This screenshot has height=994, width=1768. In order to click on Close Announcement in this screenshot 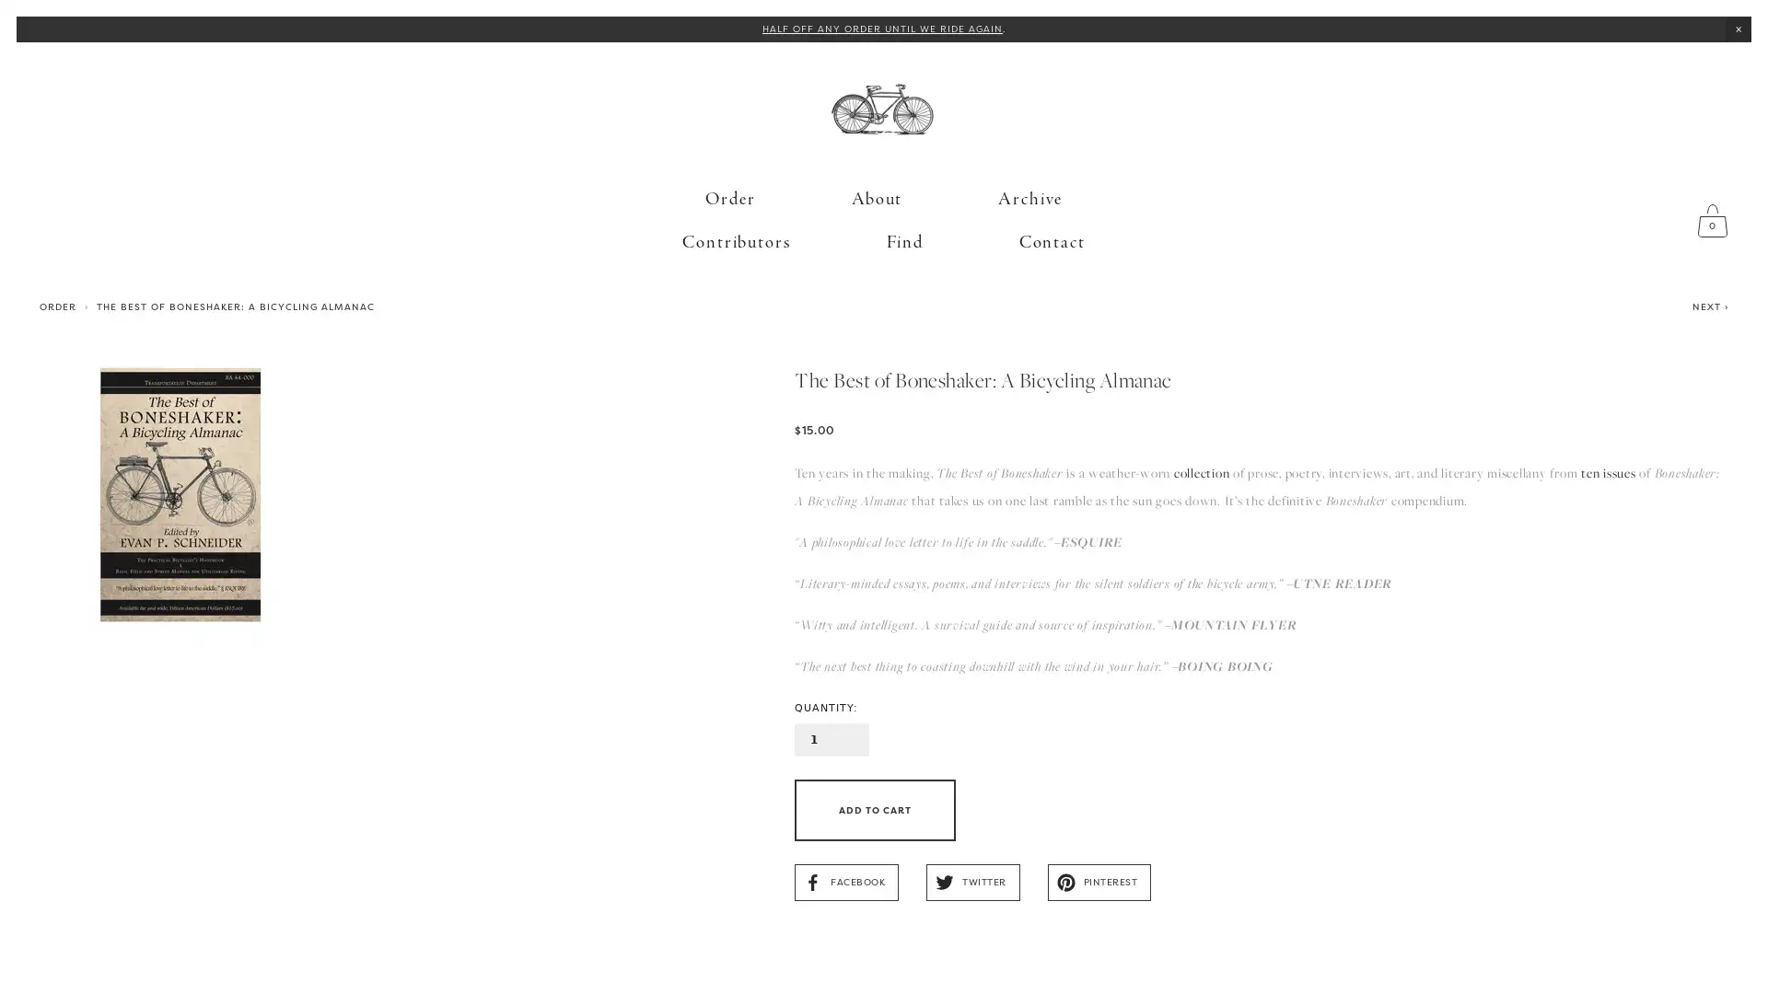, I will do `click(1737, 29)`.